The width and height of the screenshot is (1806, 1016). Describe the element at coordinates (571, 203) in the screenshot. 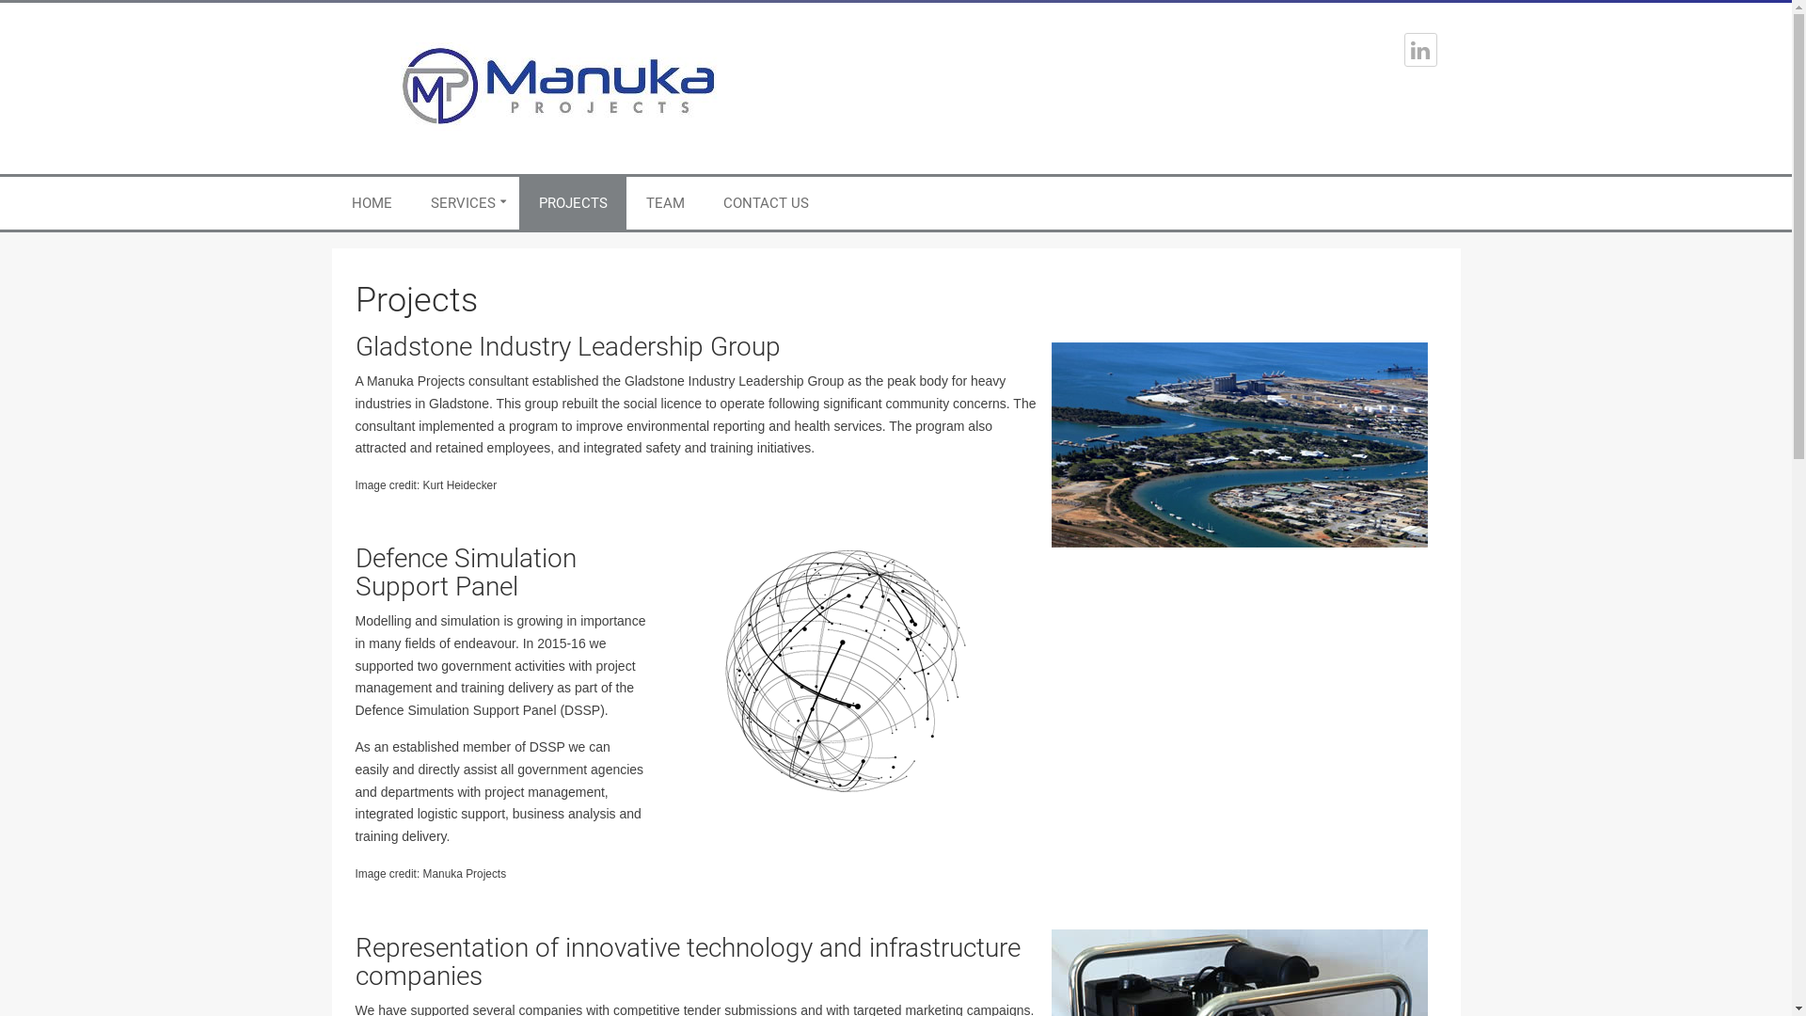

I see `'PROJECTS'` at that location.